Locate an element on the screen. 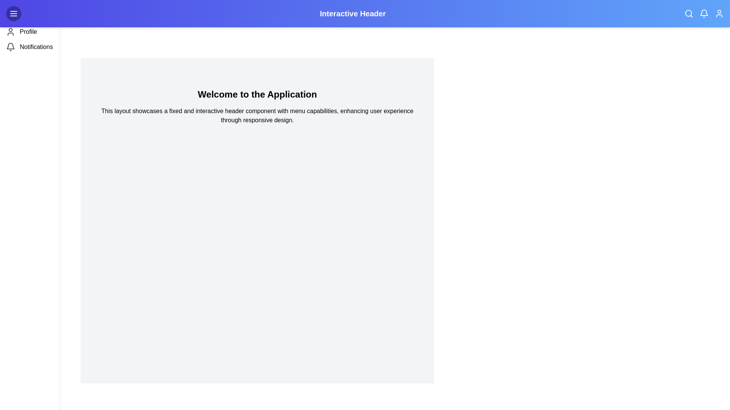  the notifications icon located as the second icon from the right in the top-right corner of the application's header is located at coordinates (704, 13).